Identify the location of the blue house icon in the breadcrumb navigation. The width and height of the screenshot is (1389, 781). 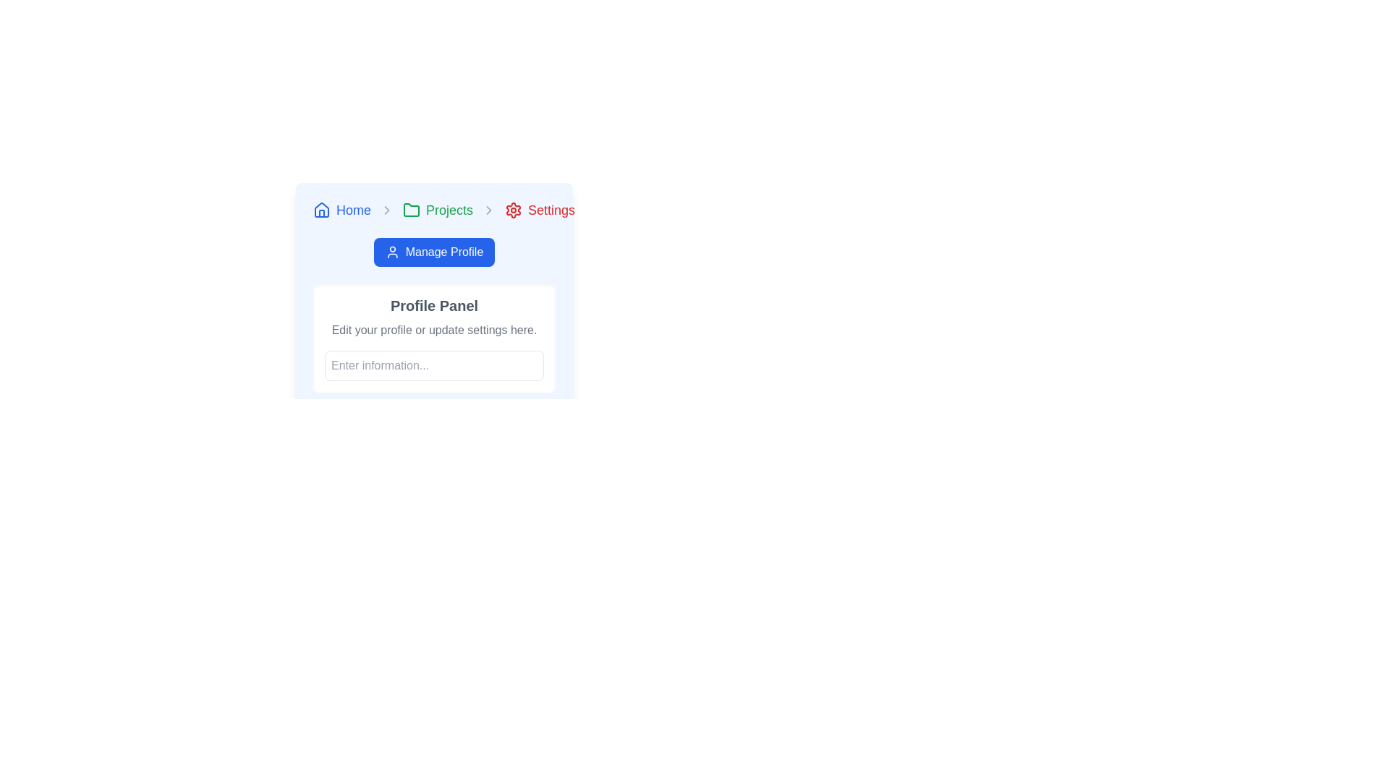
(321, 210).